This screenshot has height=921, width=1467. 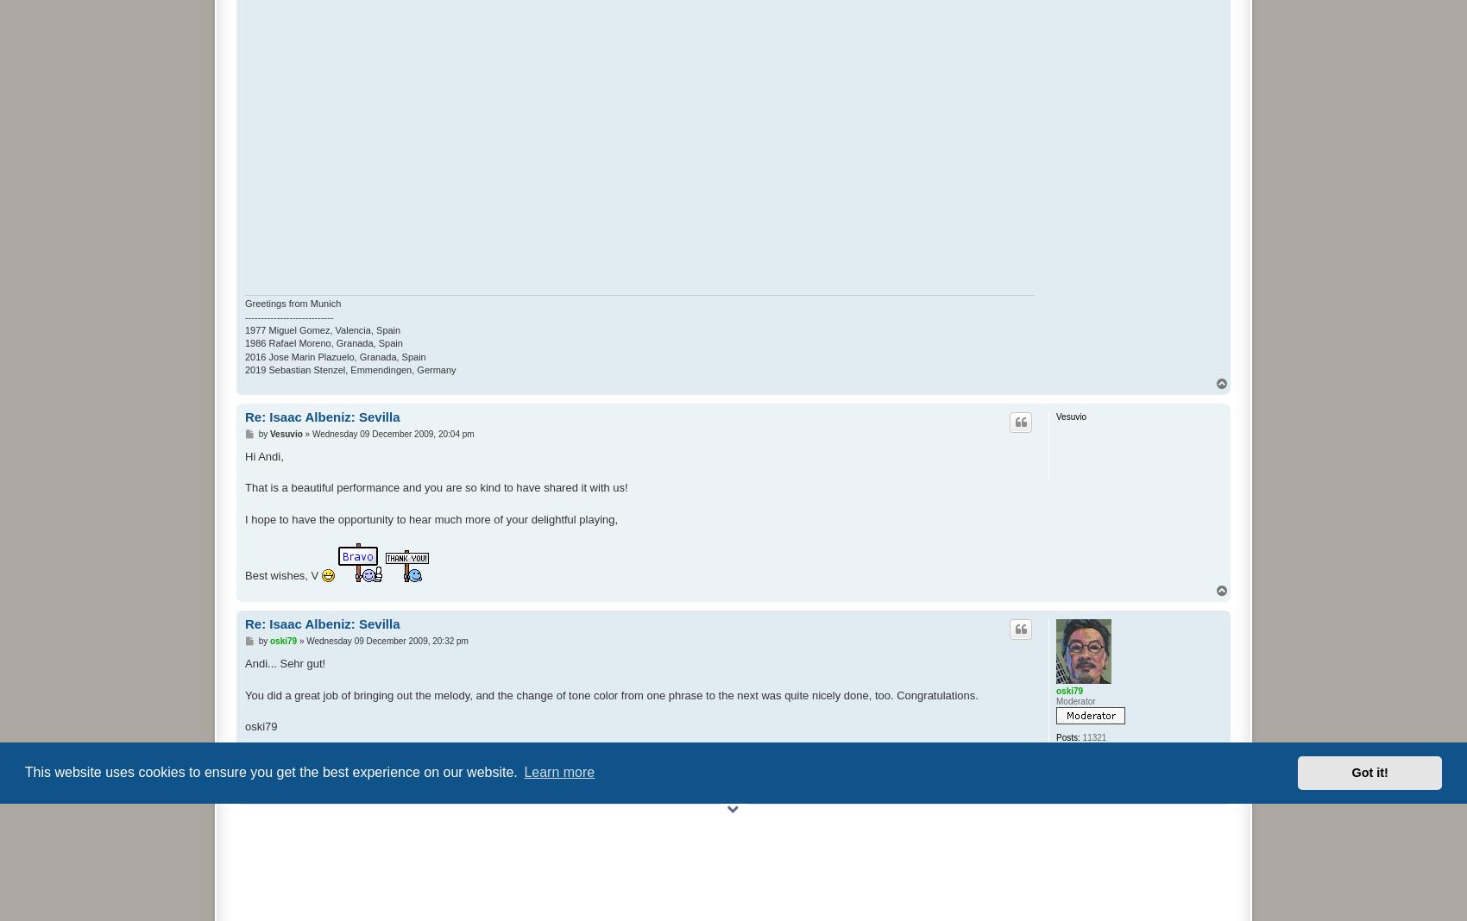 I want to click on 'Friday 08 February 2008, 16:12 pm', so click(x=1082, y=747).